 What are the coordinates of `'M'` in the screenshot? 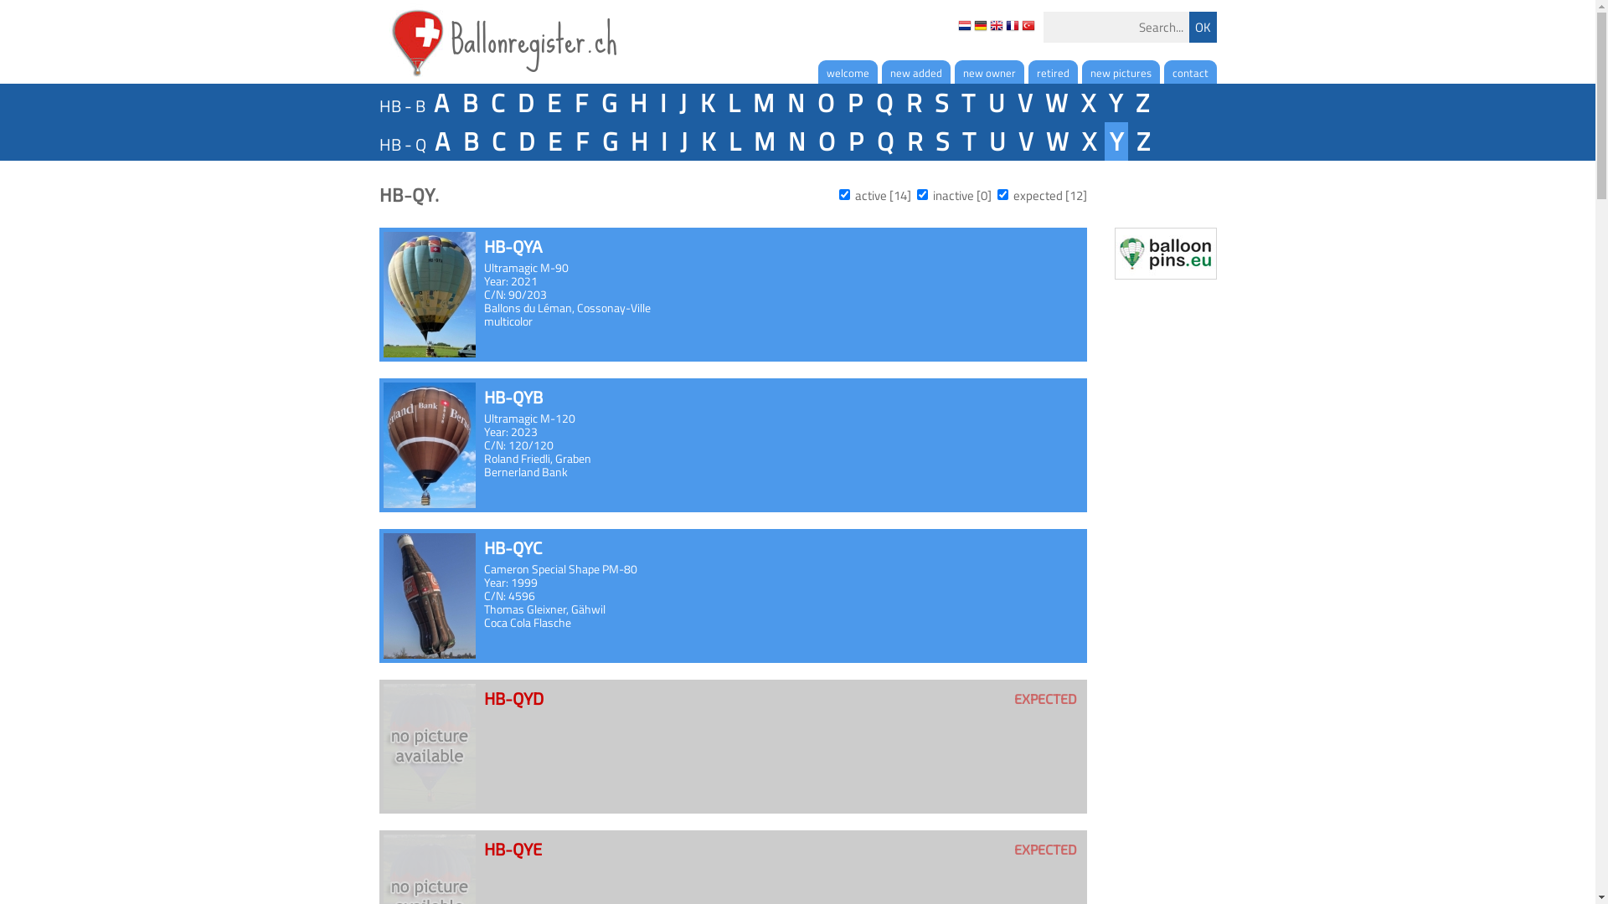 It's located at (761, 103).